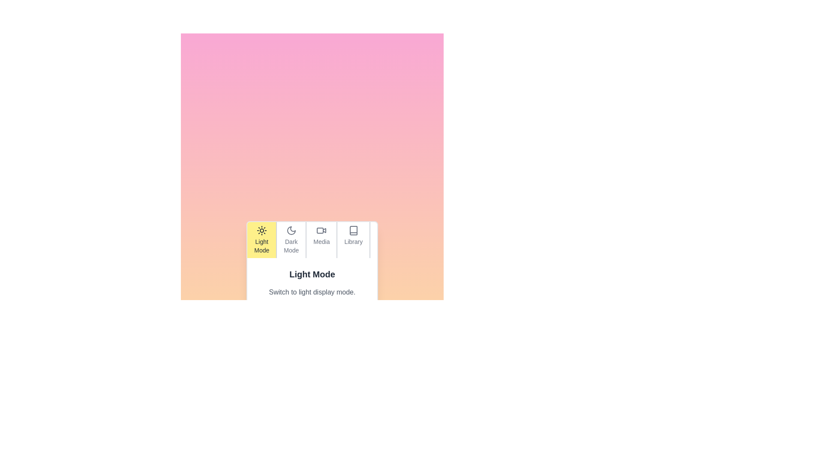 The width and height of the screenshot is (823, 463). I want to click on the tab labeled Light Mode to observe its visual effect, so click(261, 240).